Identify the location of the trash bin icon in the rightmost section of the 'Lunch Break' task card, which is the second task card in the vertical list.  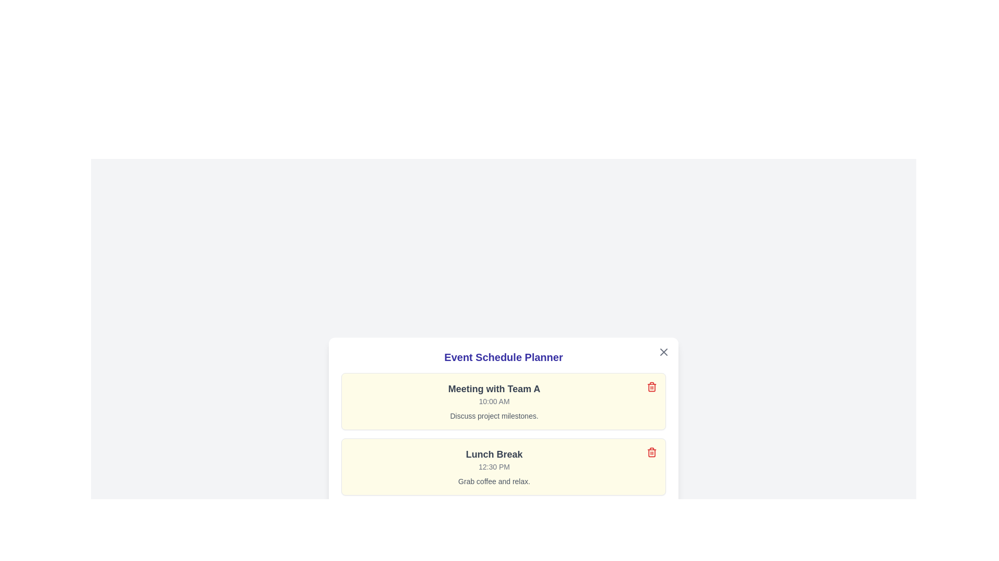
(651, 452).